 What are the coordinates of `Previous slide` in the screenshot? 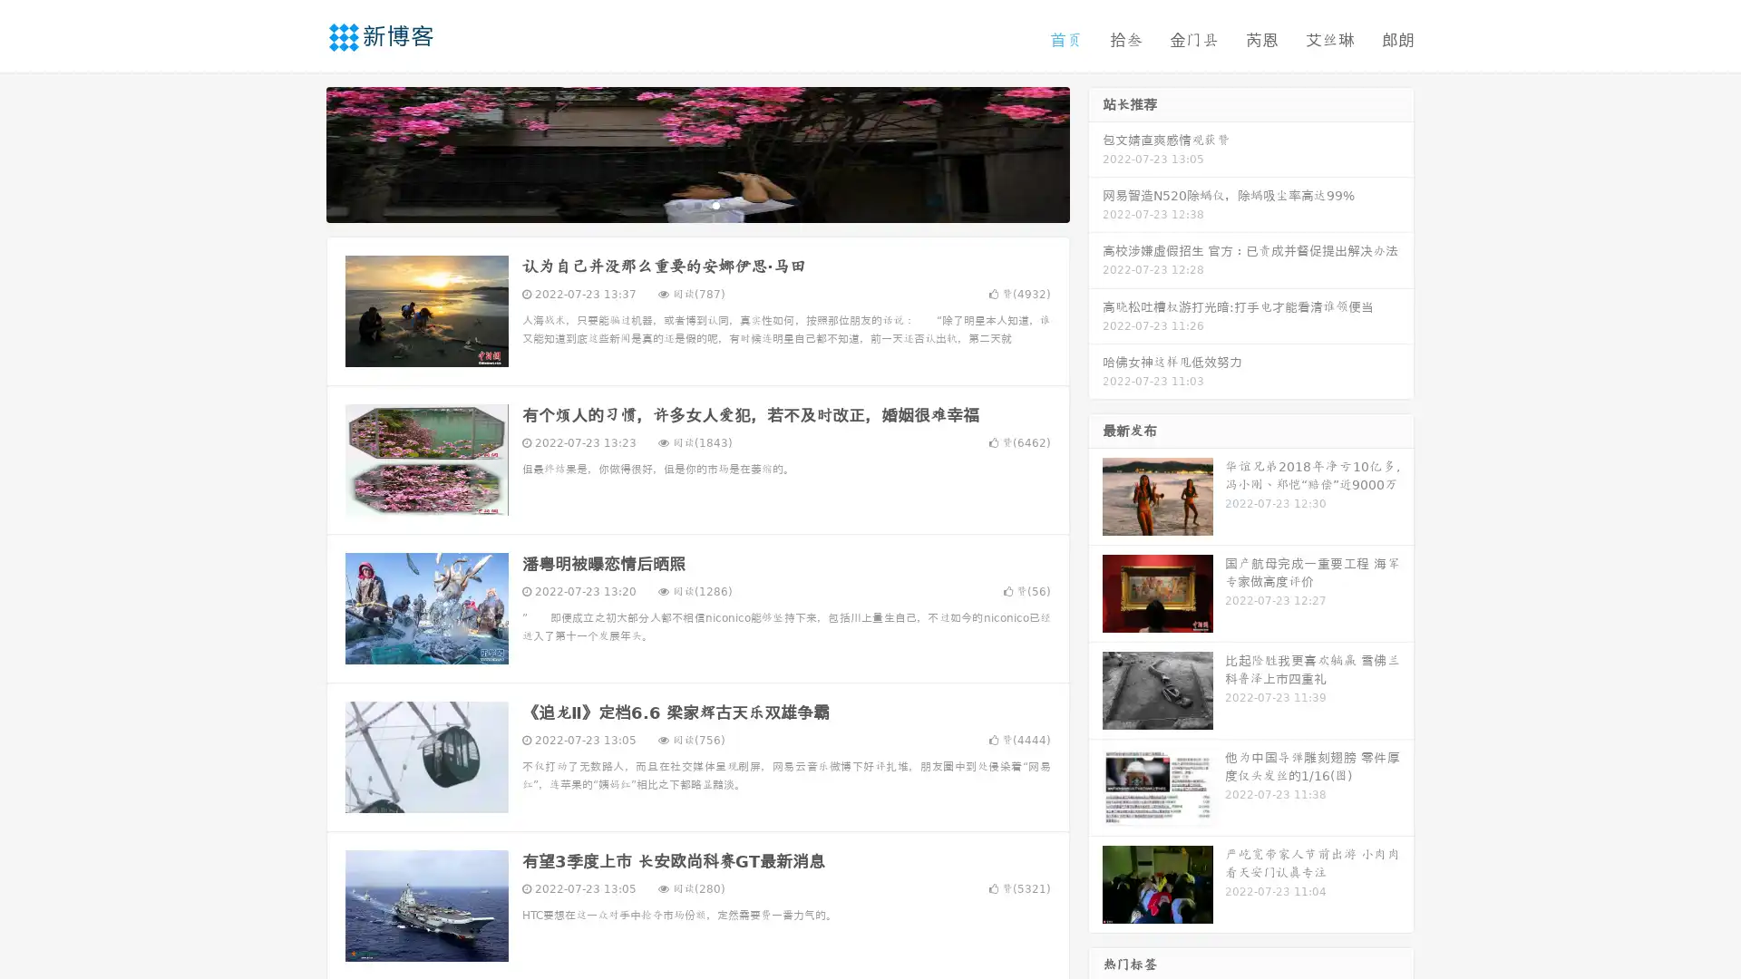 It's located at (299, 152).